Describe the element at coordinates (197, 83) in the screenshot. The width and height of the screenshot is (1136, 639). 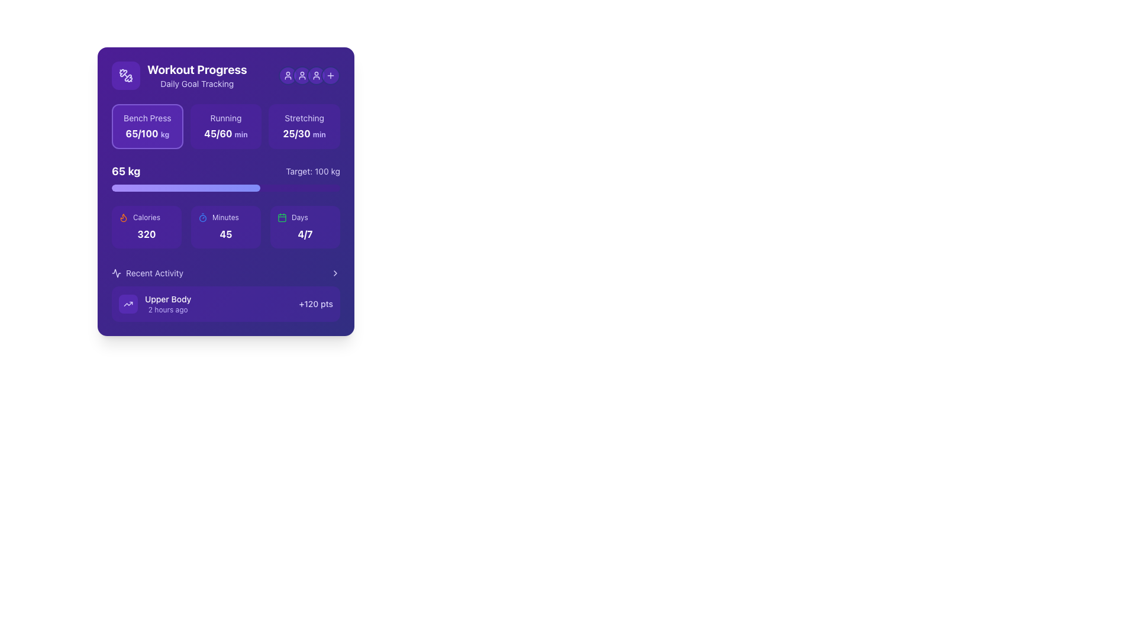
I see `the Static text element displaying 'Daily Goal Tracking' in light purple font, located beneath the 'Workout Progress' title` at that location.